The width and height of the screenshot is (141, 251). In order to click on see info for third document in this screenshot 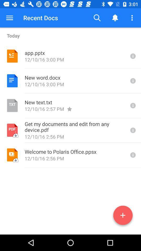, I will do `click(132, 105)`.